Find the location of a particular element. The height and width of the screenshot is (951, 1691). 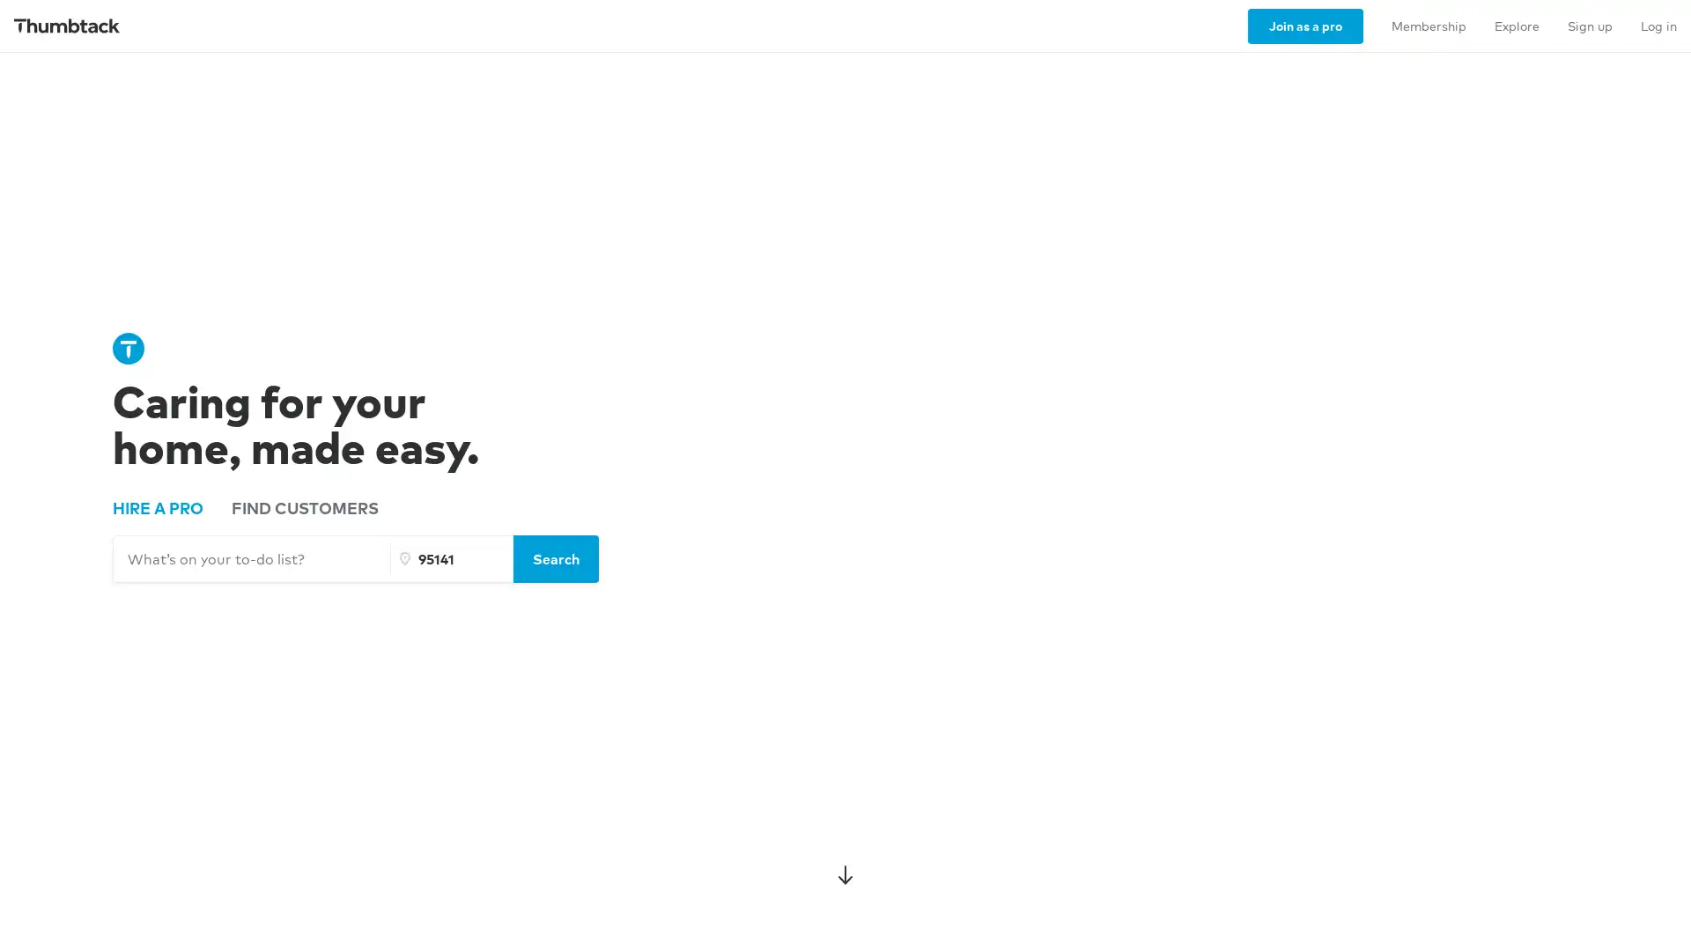

FIND CUSTOMERS is located at coordinates (305, 508).